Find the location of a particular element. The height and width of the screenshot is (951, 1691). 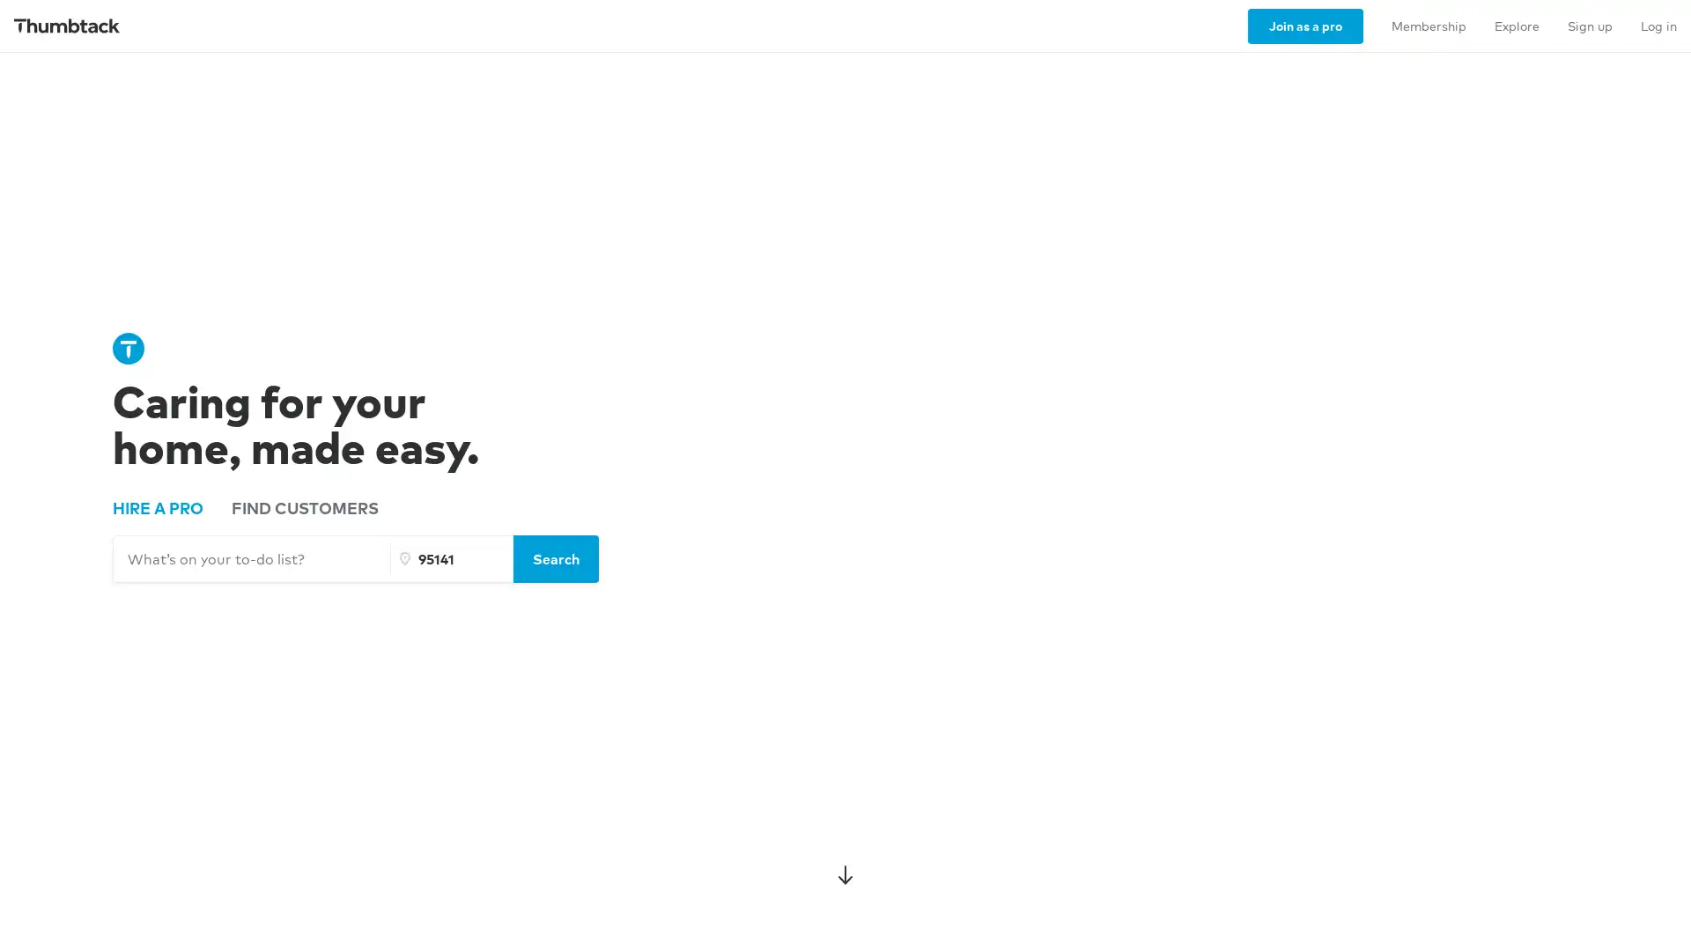

FIND CUSTOMERS is located at coordinates (305, 508).